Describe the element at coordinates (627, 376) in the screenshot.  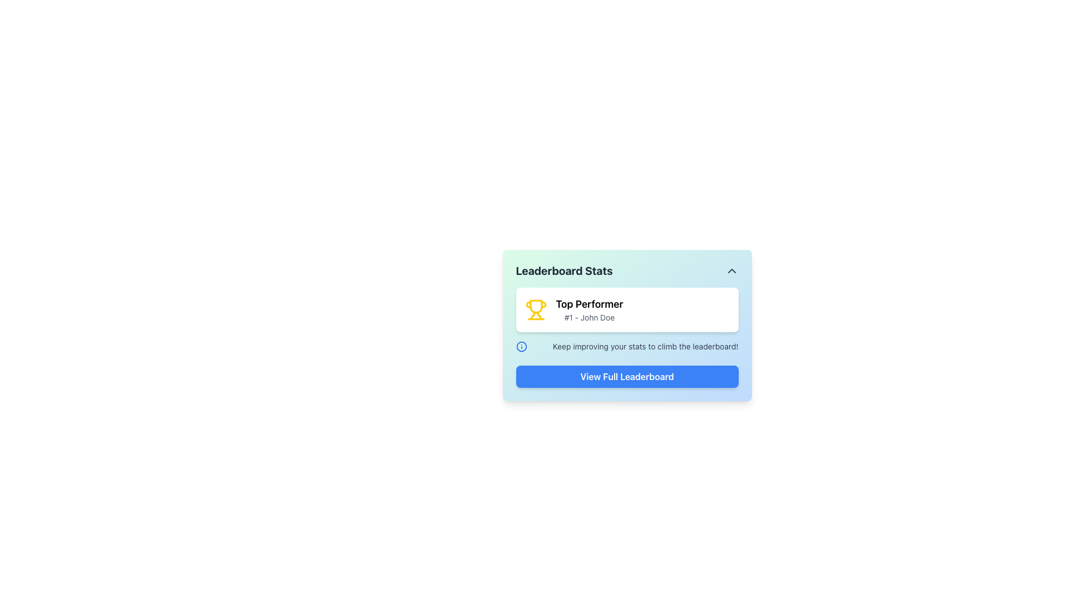
I see `the medium-sized rectangular button with a blue background and white text labeled 'View Full Leaderboard'` at that location.